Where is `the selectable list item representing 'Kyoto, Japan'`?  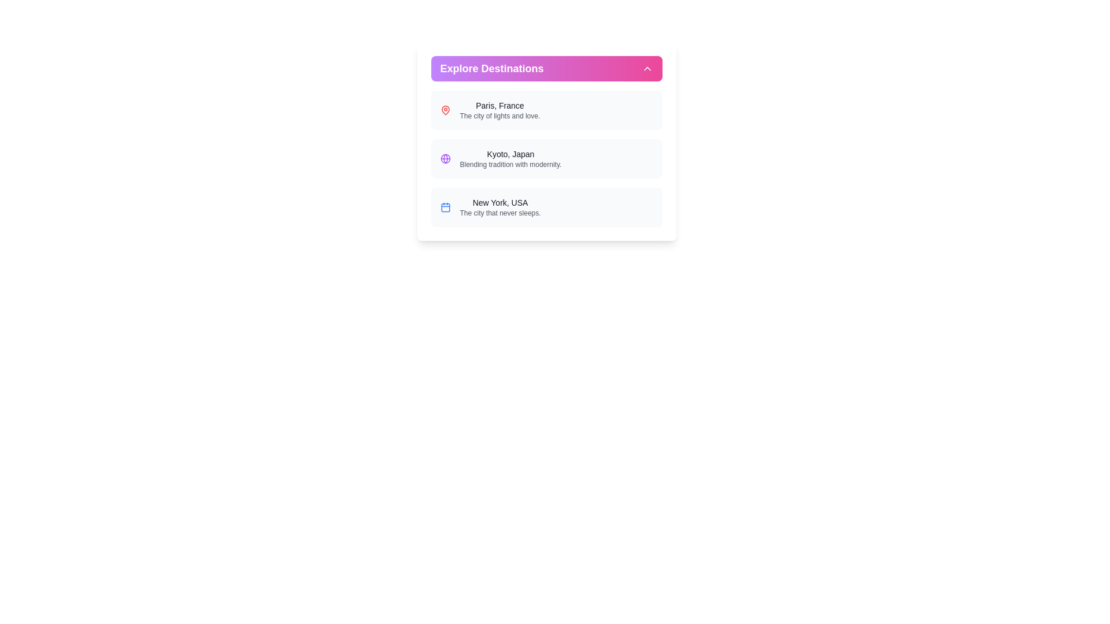
the selectable list item representing 'Kyoto, Japan' is located at coordinates (546, 158).